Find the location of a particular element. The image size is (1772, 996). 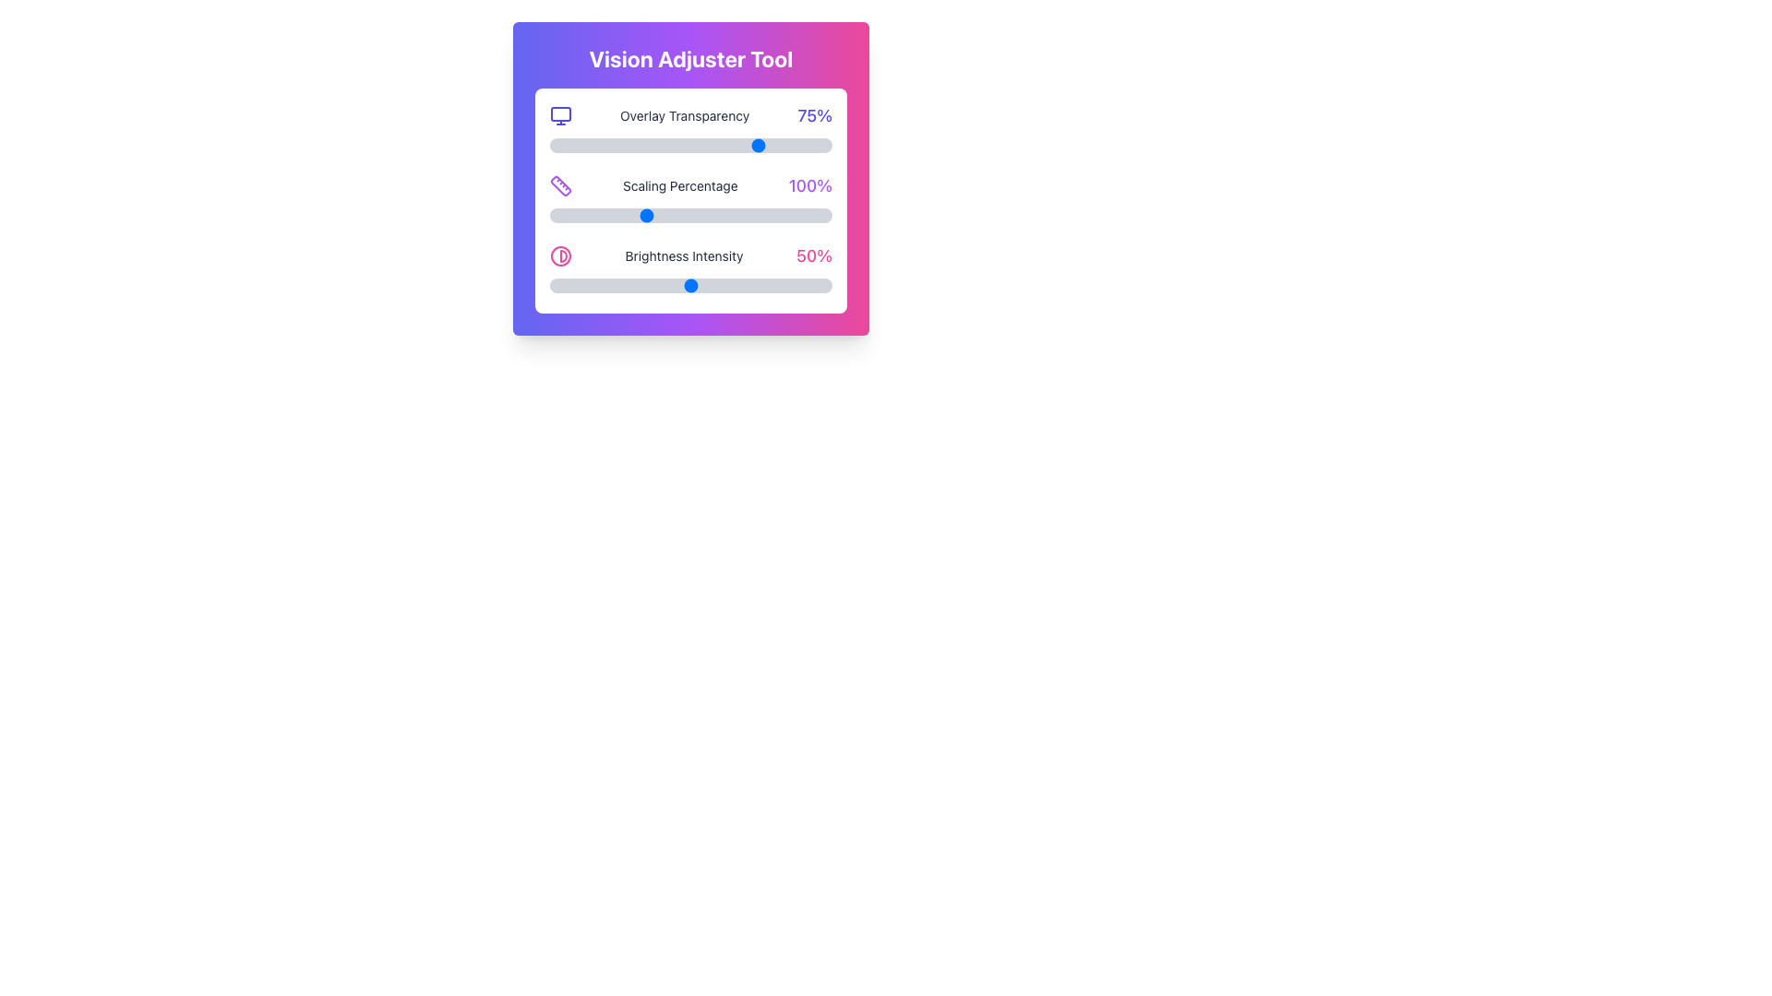

the scaling percentage is located at coordinates (680, 215).